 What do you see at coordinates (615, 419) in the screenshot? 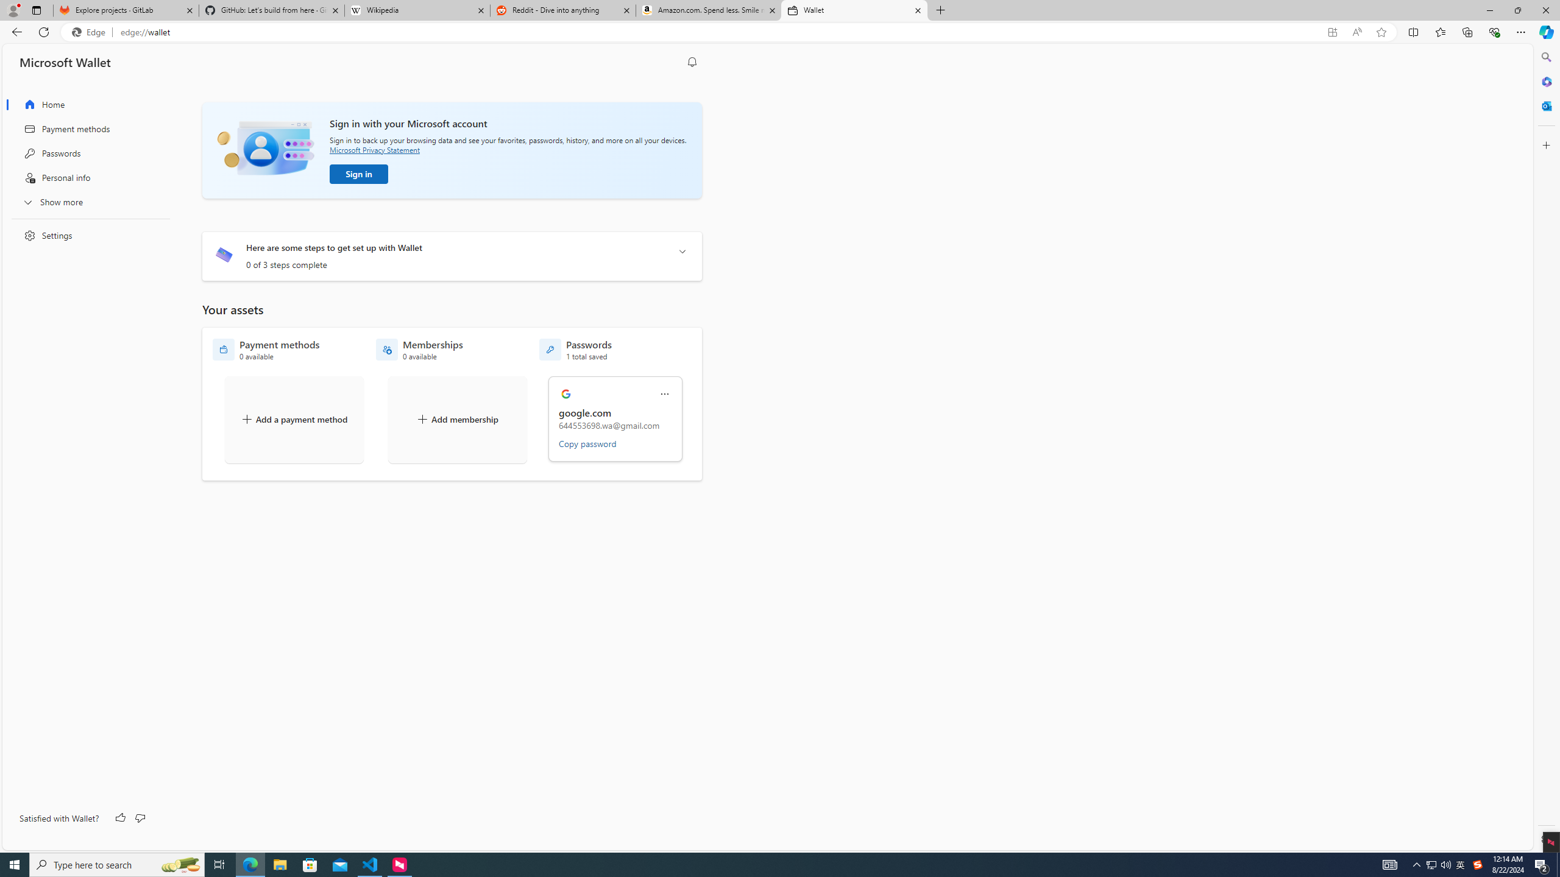
I see `'More actions google.com 644553698.wa@gmail.com Copy password'` at bounding box center [615, 419].